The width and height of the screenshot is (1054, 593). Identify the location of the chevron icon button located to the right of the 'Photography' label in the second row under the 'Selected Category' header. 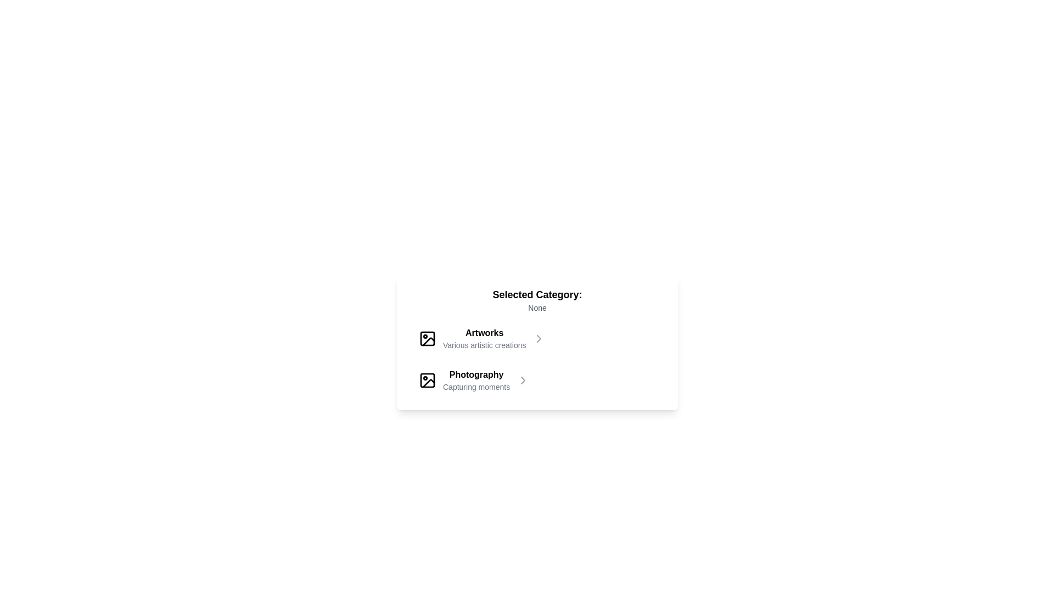
(523, 380).